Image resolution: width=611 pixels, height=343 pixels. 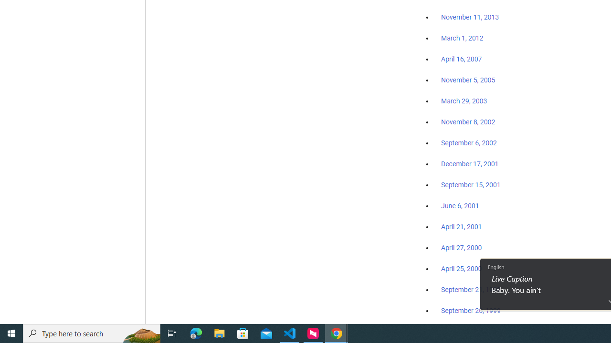 I want to click on 'November 11, 2013', so click(x=470, y=18).